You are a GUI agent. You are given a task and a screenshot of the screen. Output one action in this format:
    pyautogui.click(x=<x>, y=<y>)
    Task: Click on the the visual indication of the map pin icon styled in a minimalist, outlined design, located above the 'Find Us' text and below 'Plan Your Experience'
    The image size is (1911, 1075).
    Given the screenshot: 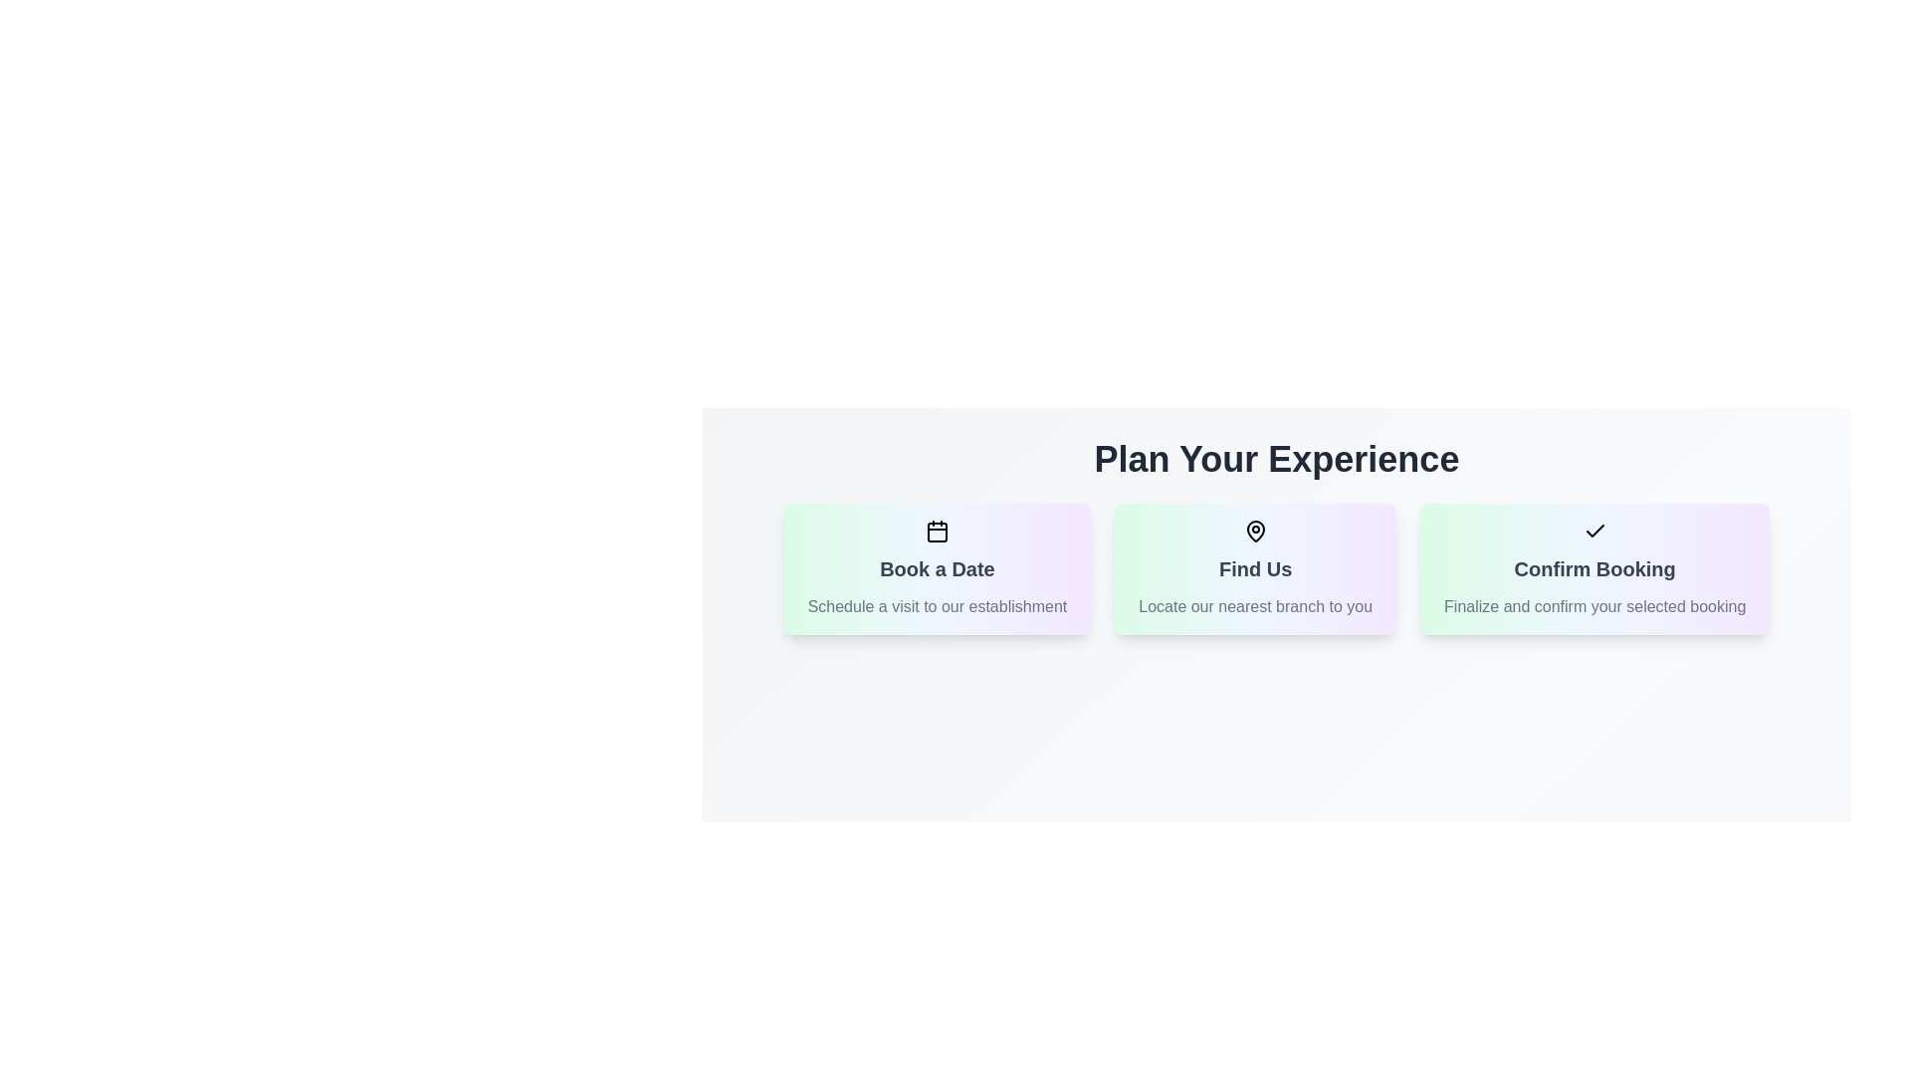 What is the action you would take?
    pyautogui.click(x=1254, y=530)
    